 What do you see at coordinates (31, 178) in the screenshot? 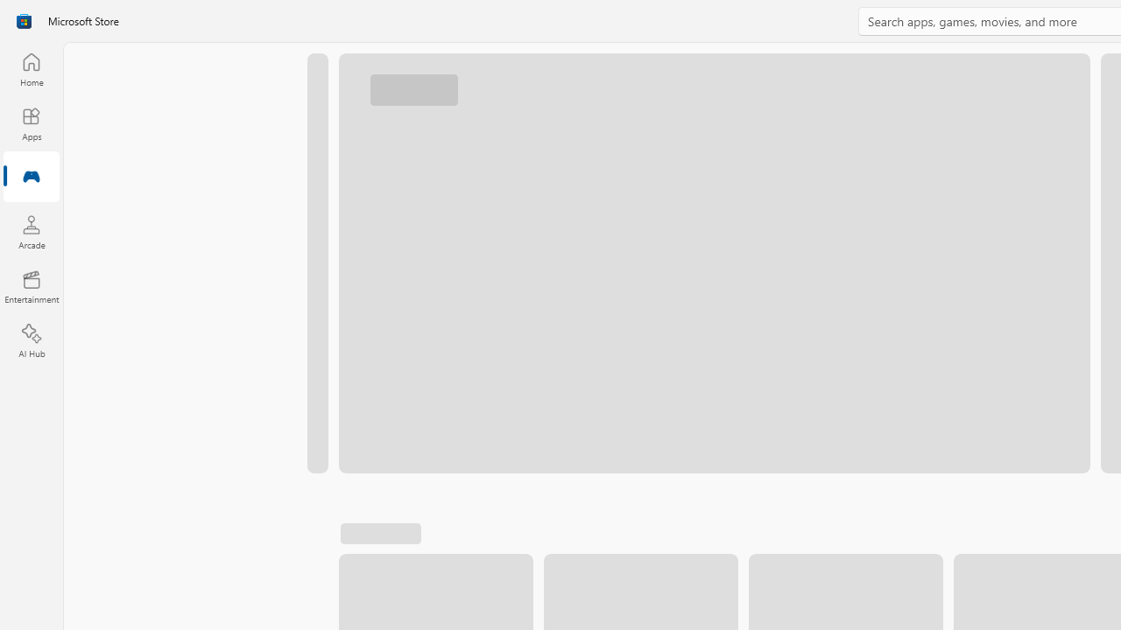
I see `'Gaming'` at bounding box center [31, 178].